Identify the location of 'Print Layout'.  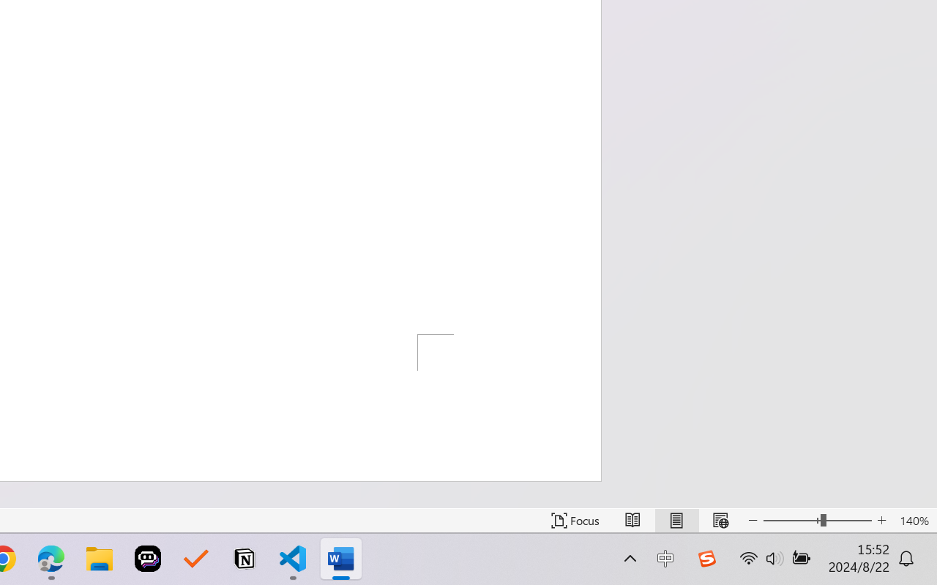
(676, 520).